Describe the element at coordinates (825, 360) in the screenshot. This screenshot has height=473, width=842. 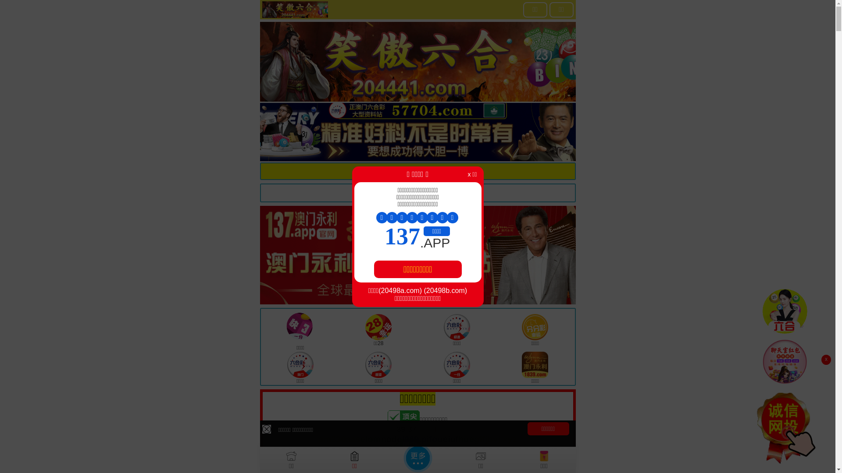
I see `'x'` at that location.